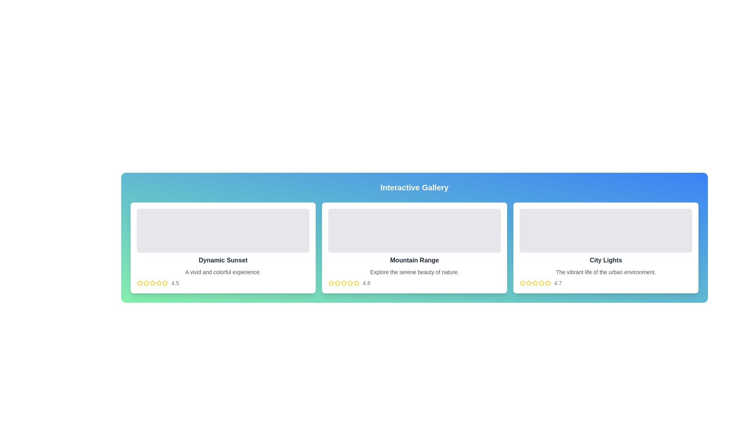 Image resolution: width=753 pixels, height=423 pixels. Describe the element at coordinates (146, 283) in the screenshot. I see `the first star icon in the rating system located below the 'Dynamic Sunset' card in the leftmost column of the gallery layout` at that location.